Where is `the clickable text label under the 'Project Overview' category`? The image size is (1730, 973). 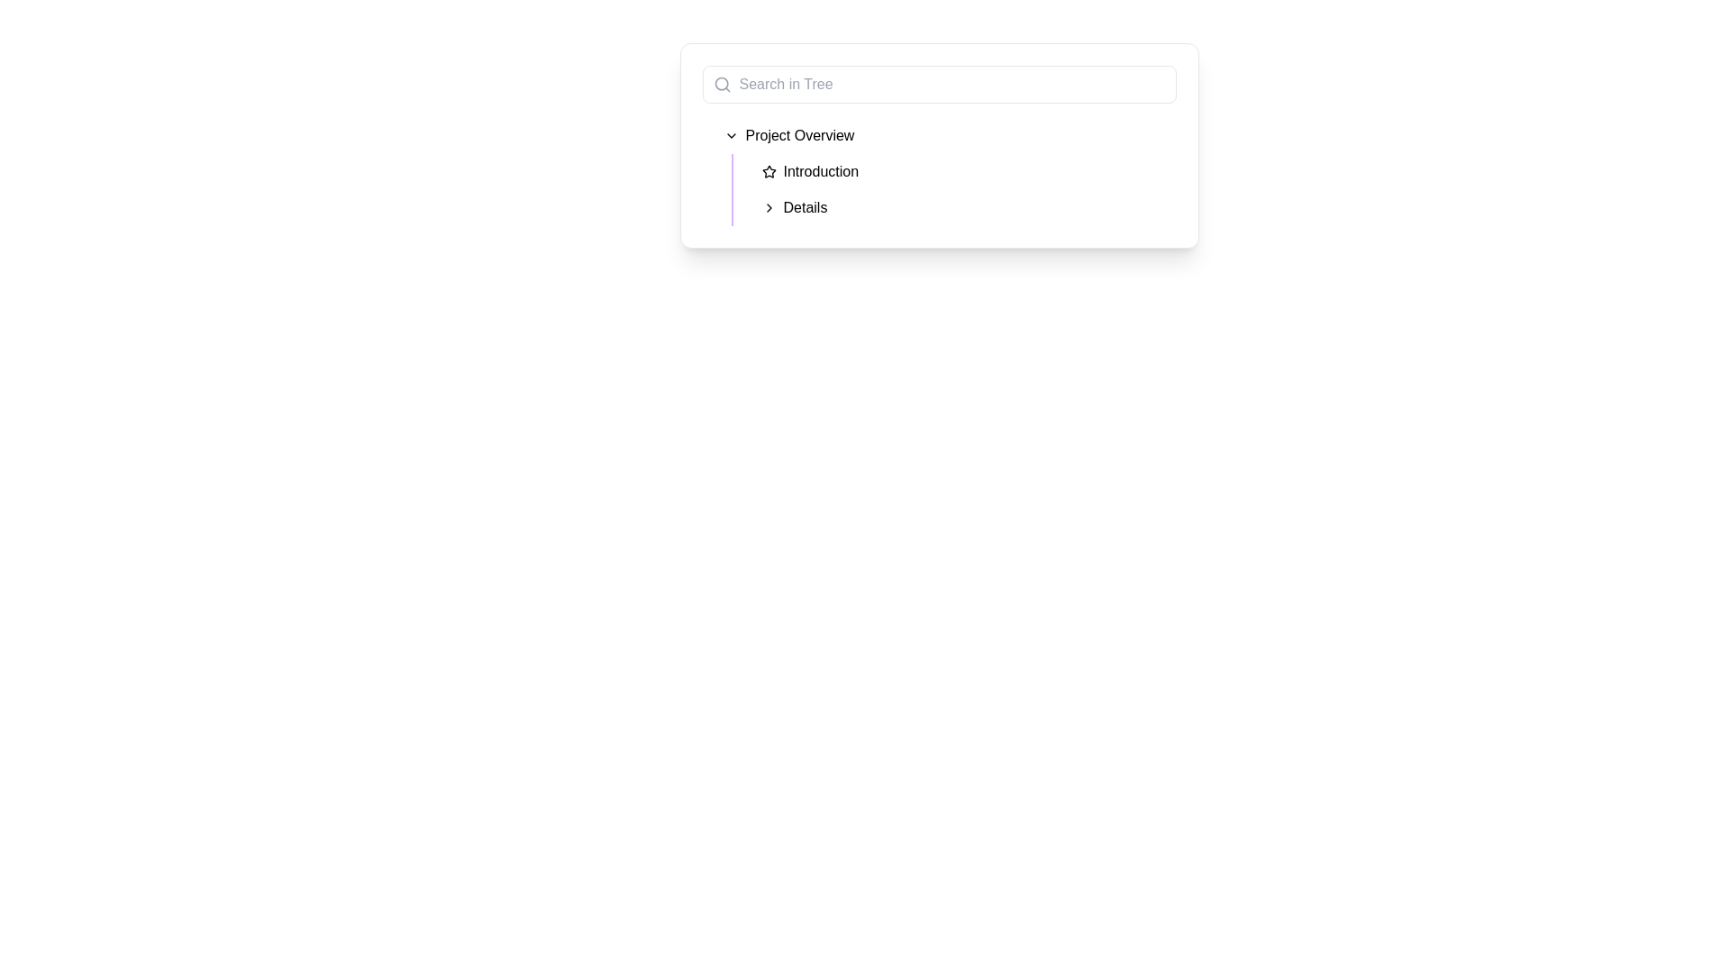 the clickable text label under the 'Project Overview' category is located at coordinates (804, 207).